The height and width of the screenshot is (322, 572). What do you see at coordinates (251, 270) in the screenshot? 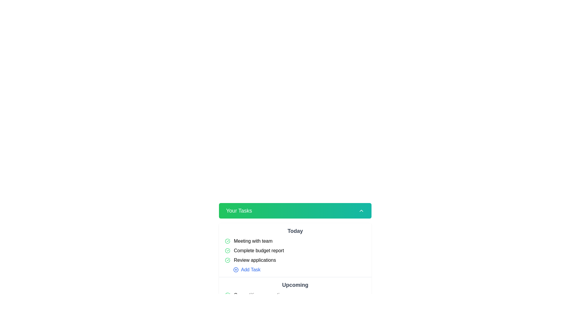
I see `the Text Label that represents the action of adding a new task` at bounding box center [251, 270].